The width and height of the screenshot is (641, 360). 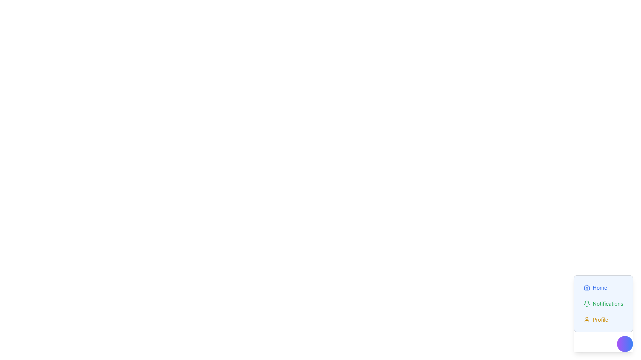 I want to click on the 'Notifications' menu item with a bell icon to change its text color to a darker green, so click(x=603, y=303).